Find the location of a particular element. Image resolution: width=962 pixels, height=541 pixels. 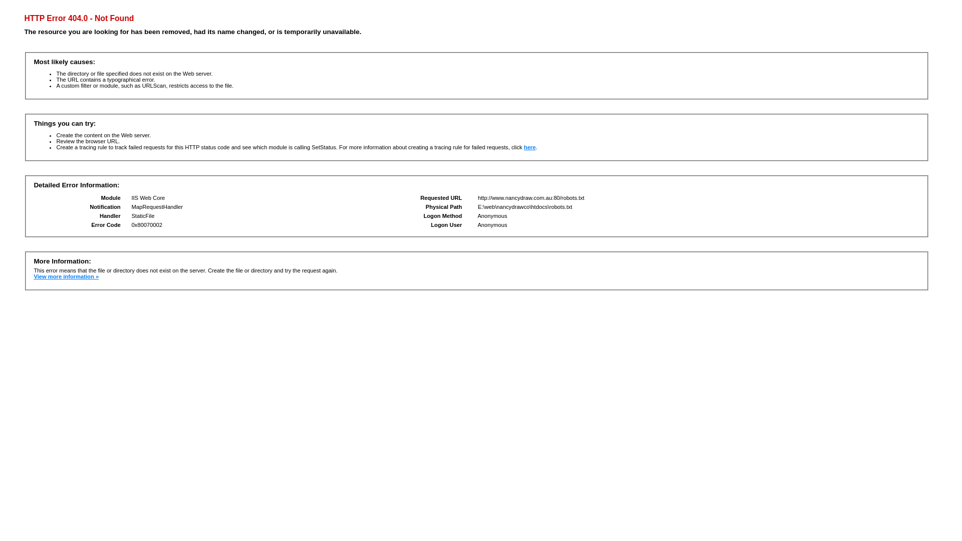

'here' is located at coordinates (529, 147).